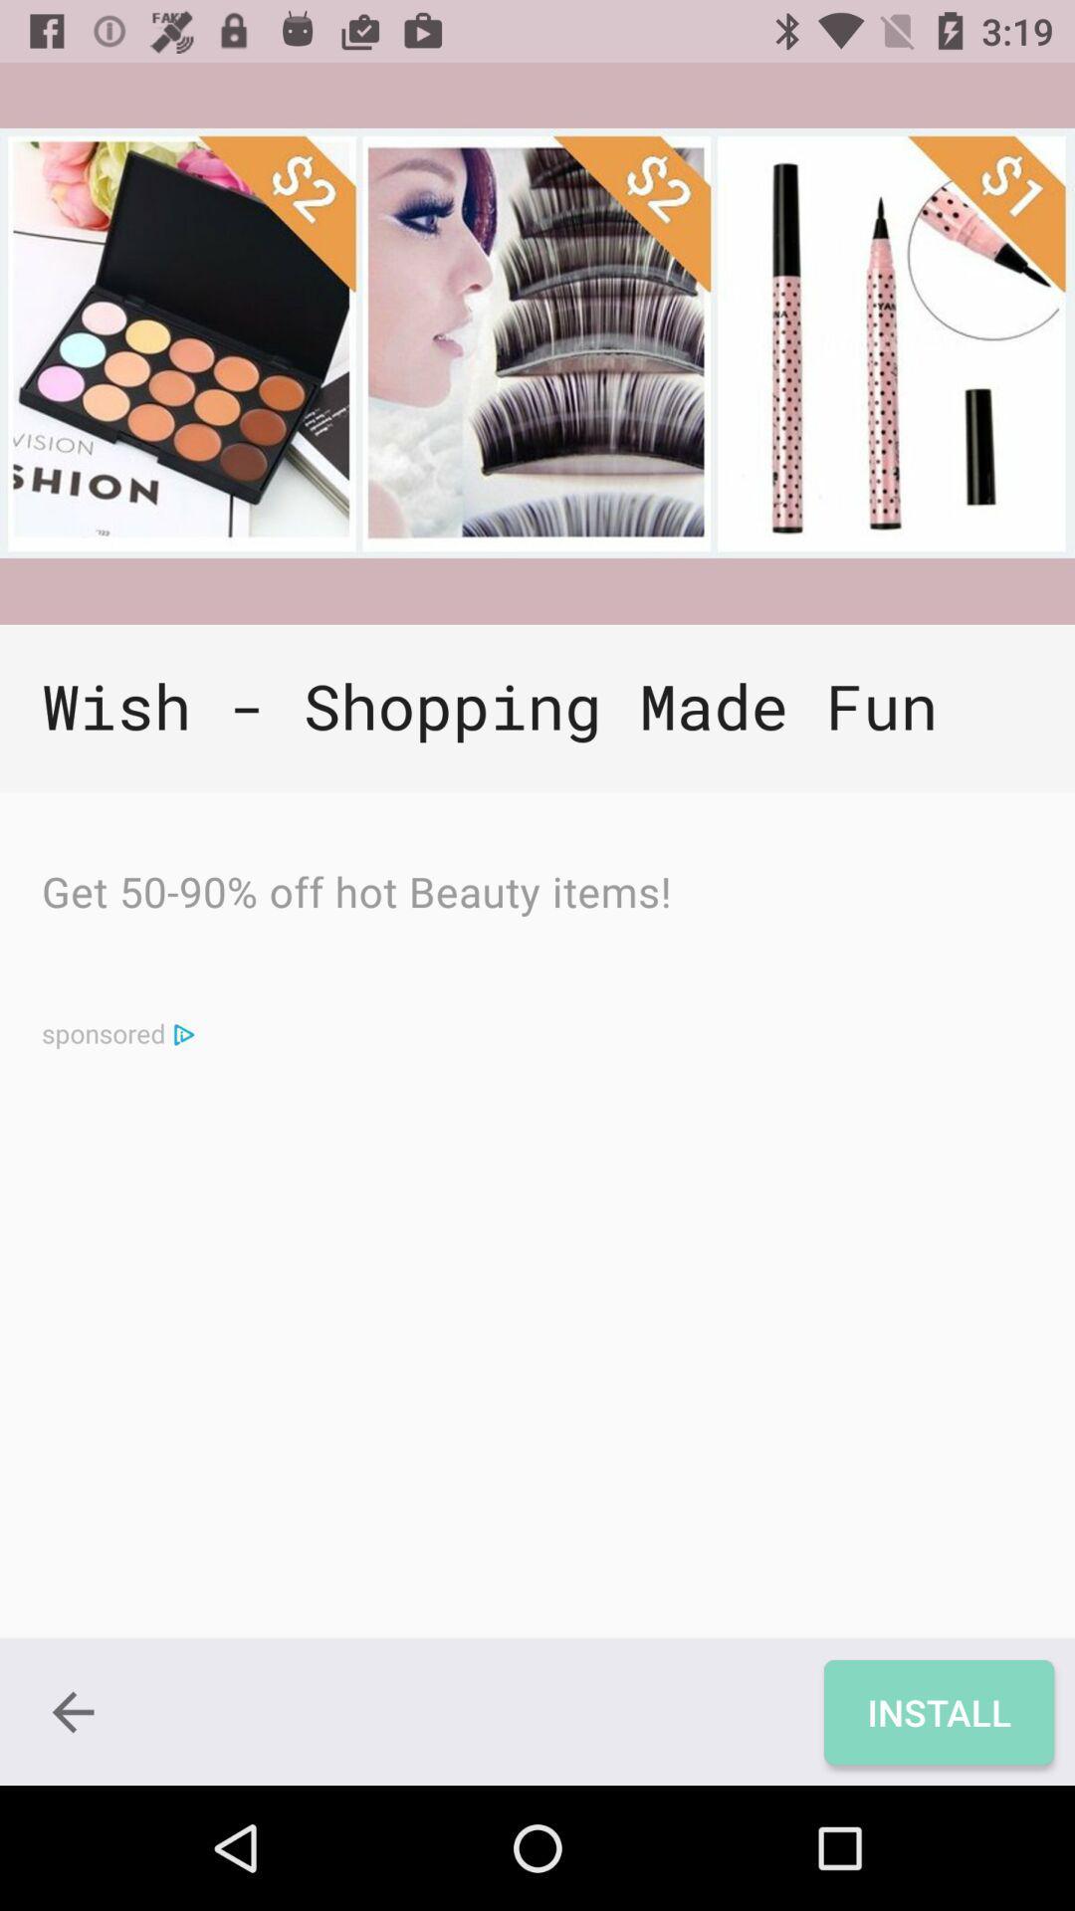  I want to click on wish shopping made, so click(537, 709).